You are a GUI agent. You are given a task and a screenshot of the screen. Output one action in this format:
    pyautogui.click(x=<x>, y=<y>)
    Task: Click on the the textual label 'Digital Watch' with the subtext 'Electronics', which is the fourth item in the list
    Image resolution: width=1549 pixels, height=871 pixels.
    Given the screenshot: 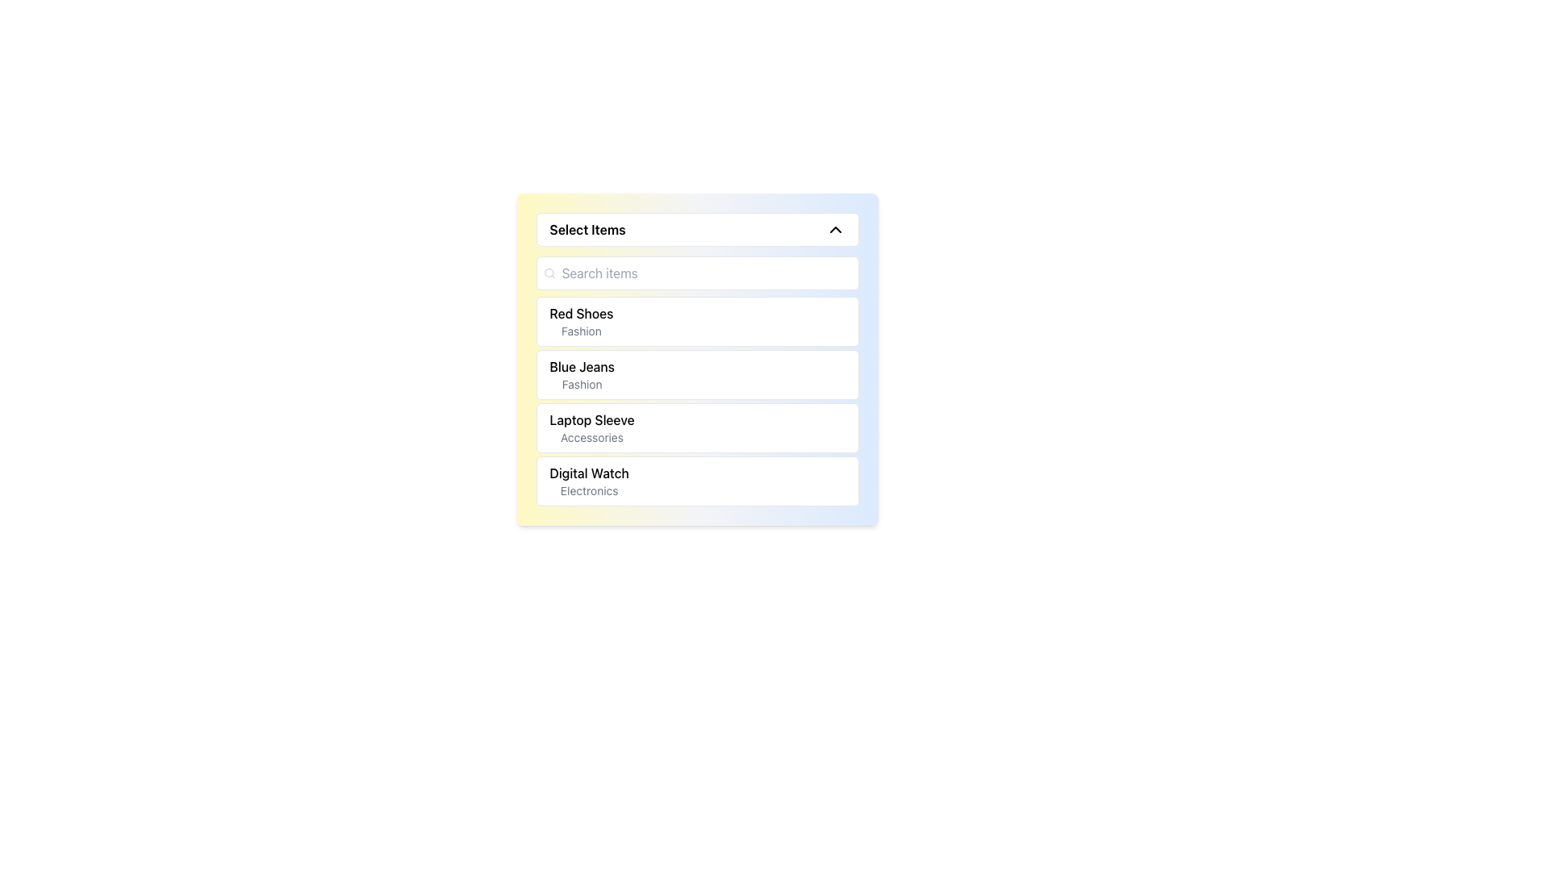 What is the action you would take?
    pyautogui.click(x=588, y=481)
    